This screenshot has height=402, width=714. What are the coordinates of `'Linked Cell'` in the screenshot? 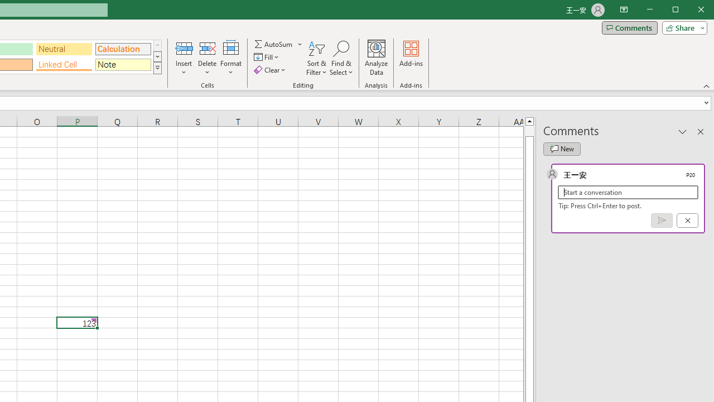 It's located at (63, 65).